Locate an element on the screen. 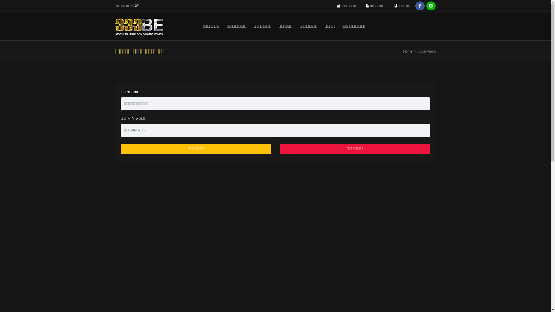  'Line' is located at coordinates (431, 6).